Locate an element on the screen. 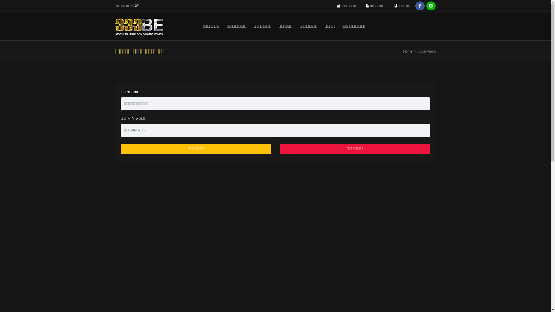  'Line' is located at coordinates (431, 6).